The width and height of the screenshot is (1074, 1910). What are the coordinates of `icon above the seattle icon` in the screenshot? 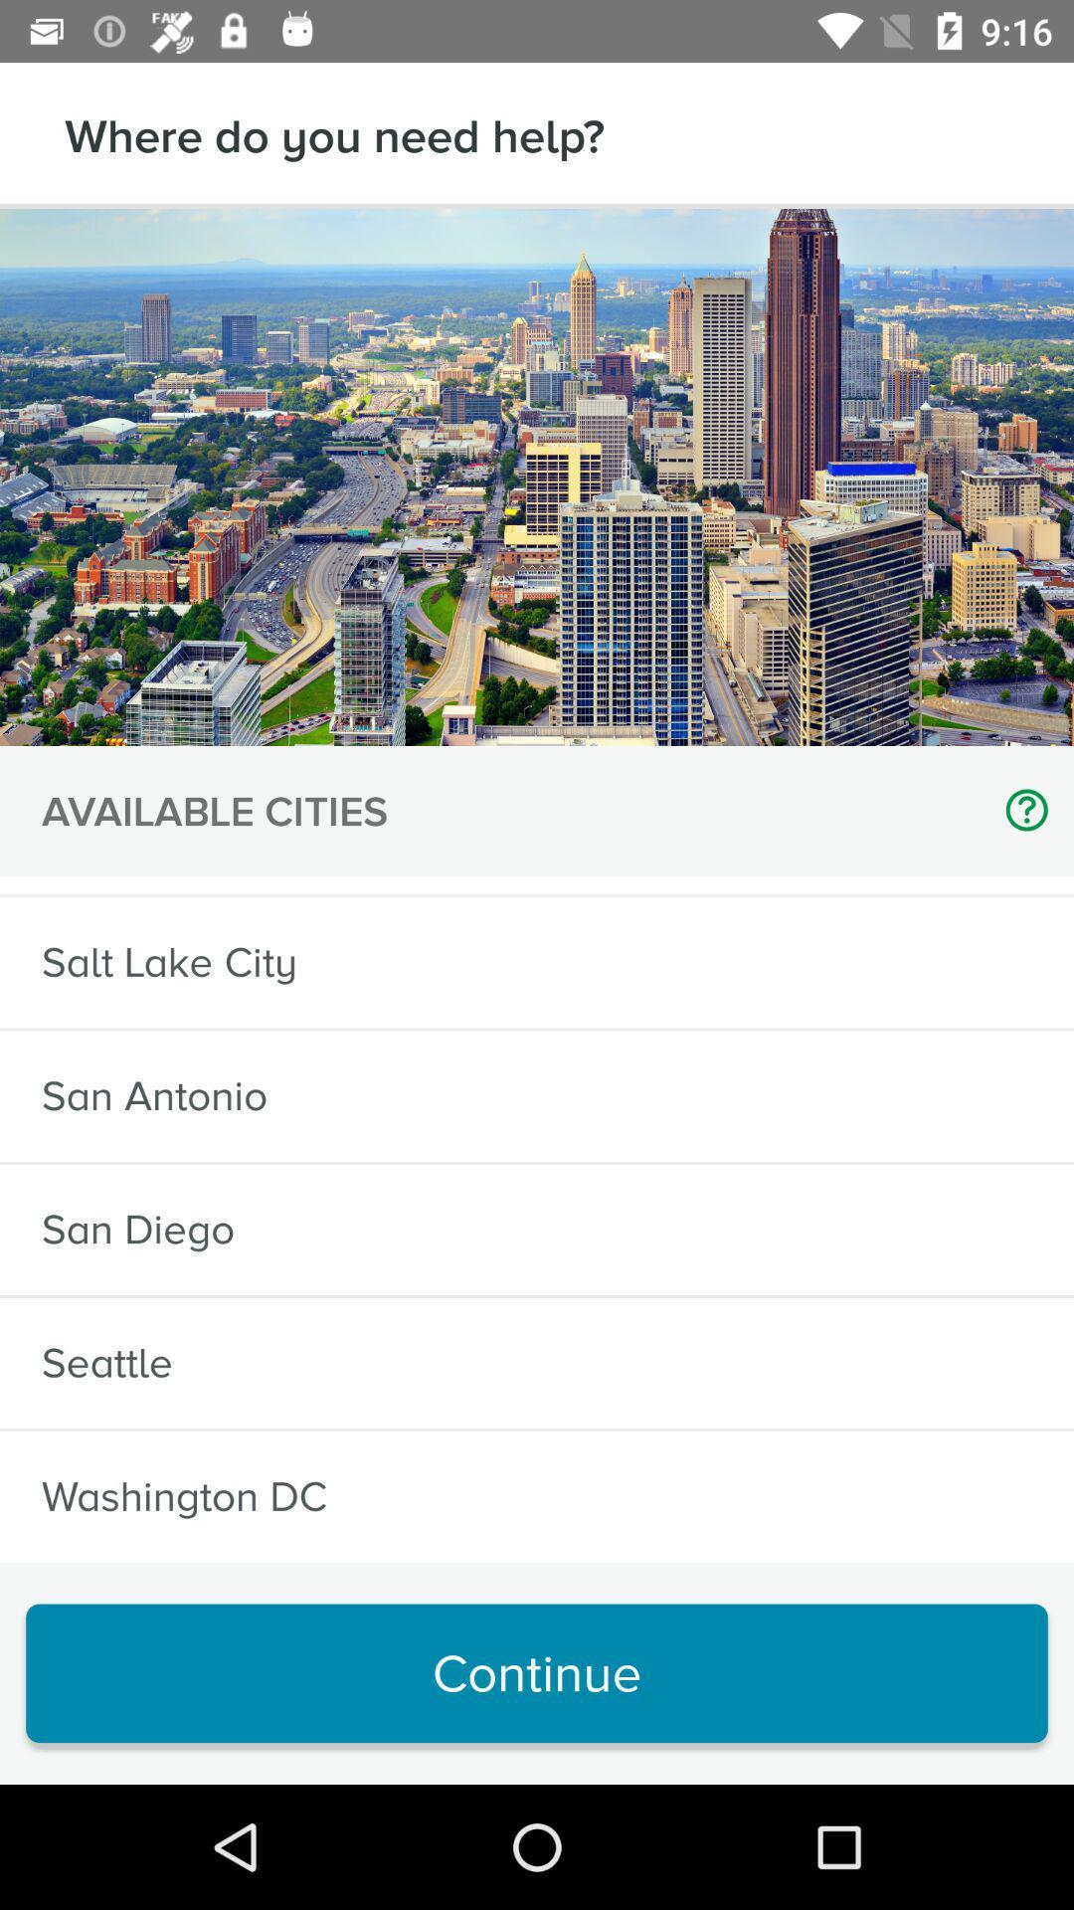 It's located at (137, 1229).